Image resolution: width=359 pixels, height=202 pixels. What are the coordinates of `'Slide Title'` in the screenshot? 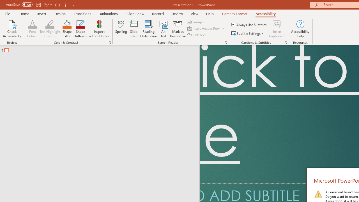 It's located at (133, 24).